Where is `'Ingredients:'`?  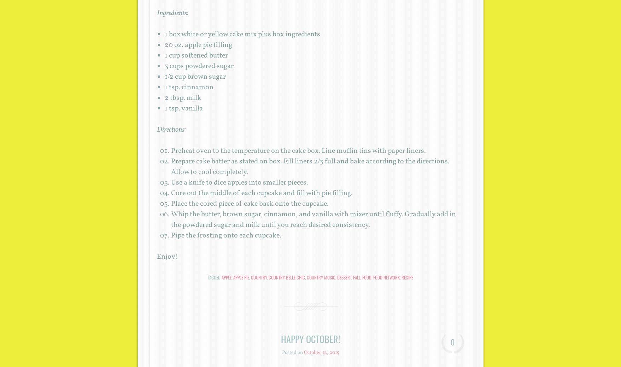
'Ingredients:' is located at coordinates (156, 13).